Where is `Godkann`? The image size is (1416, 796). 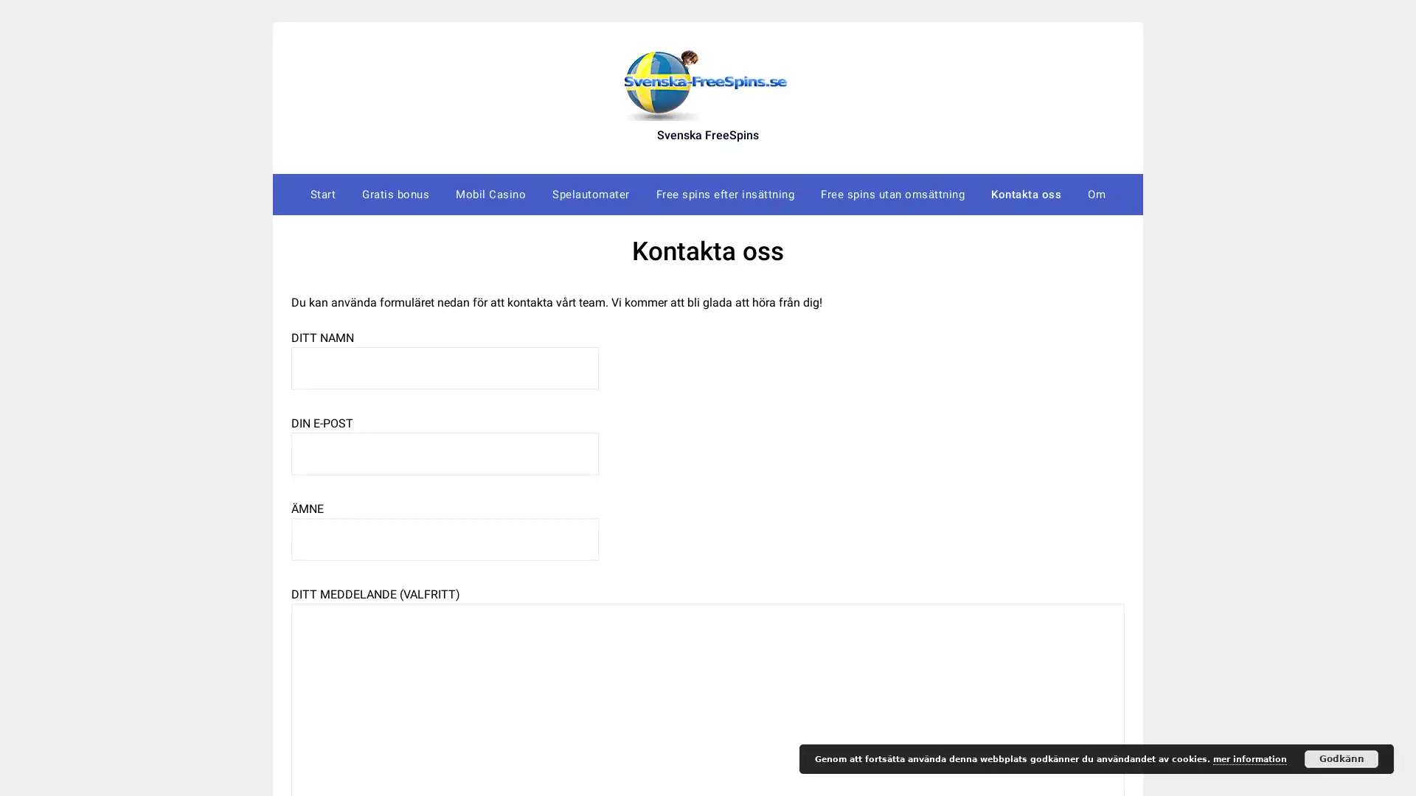 Godkann is located at coordinates (1342, 758).